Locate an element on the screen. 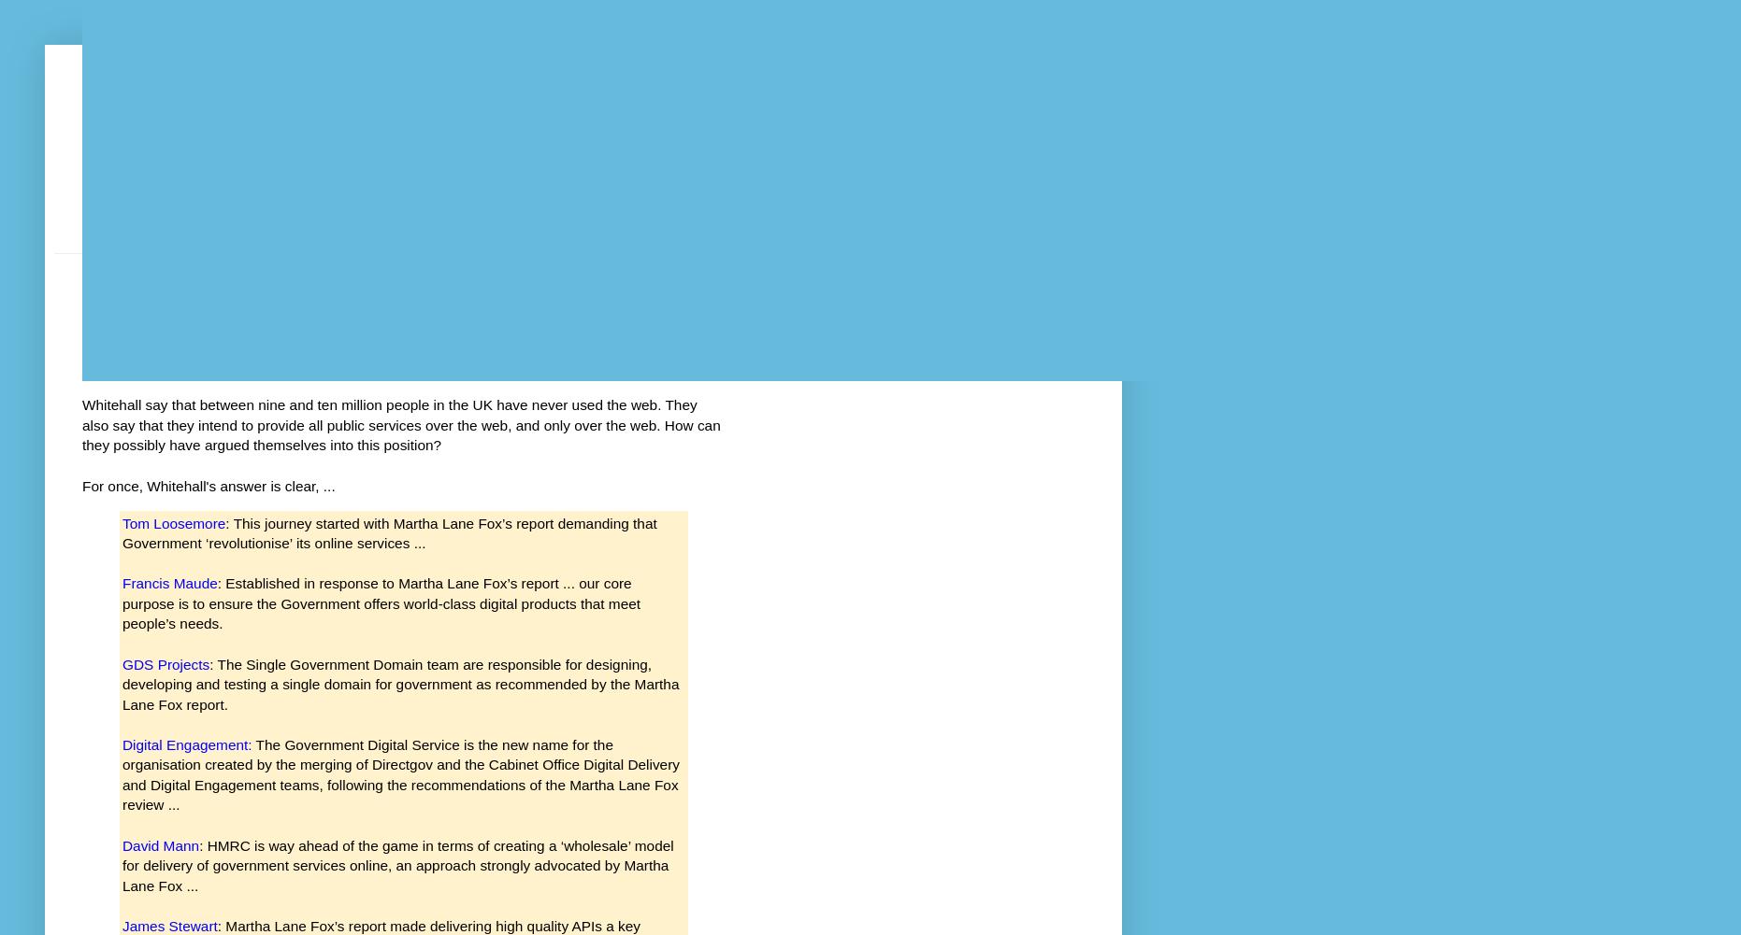 The image size is (1741, 935). 'Martha Lane Fox, one of the unwritten bits of the British Constitution' is located at coordinates (82, 344).